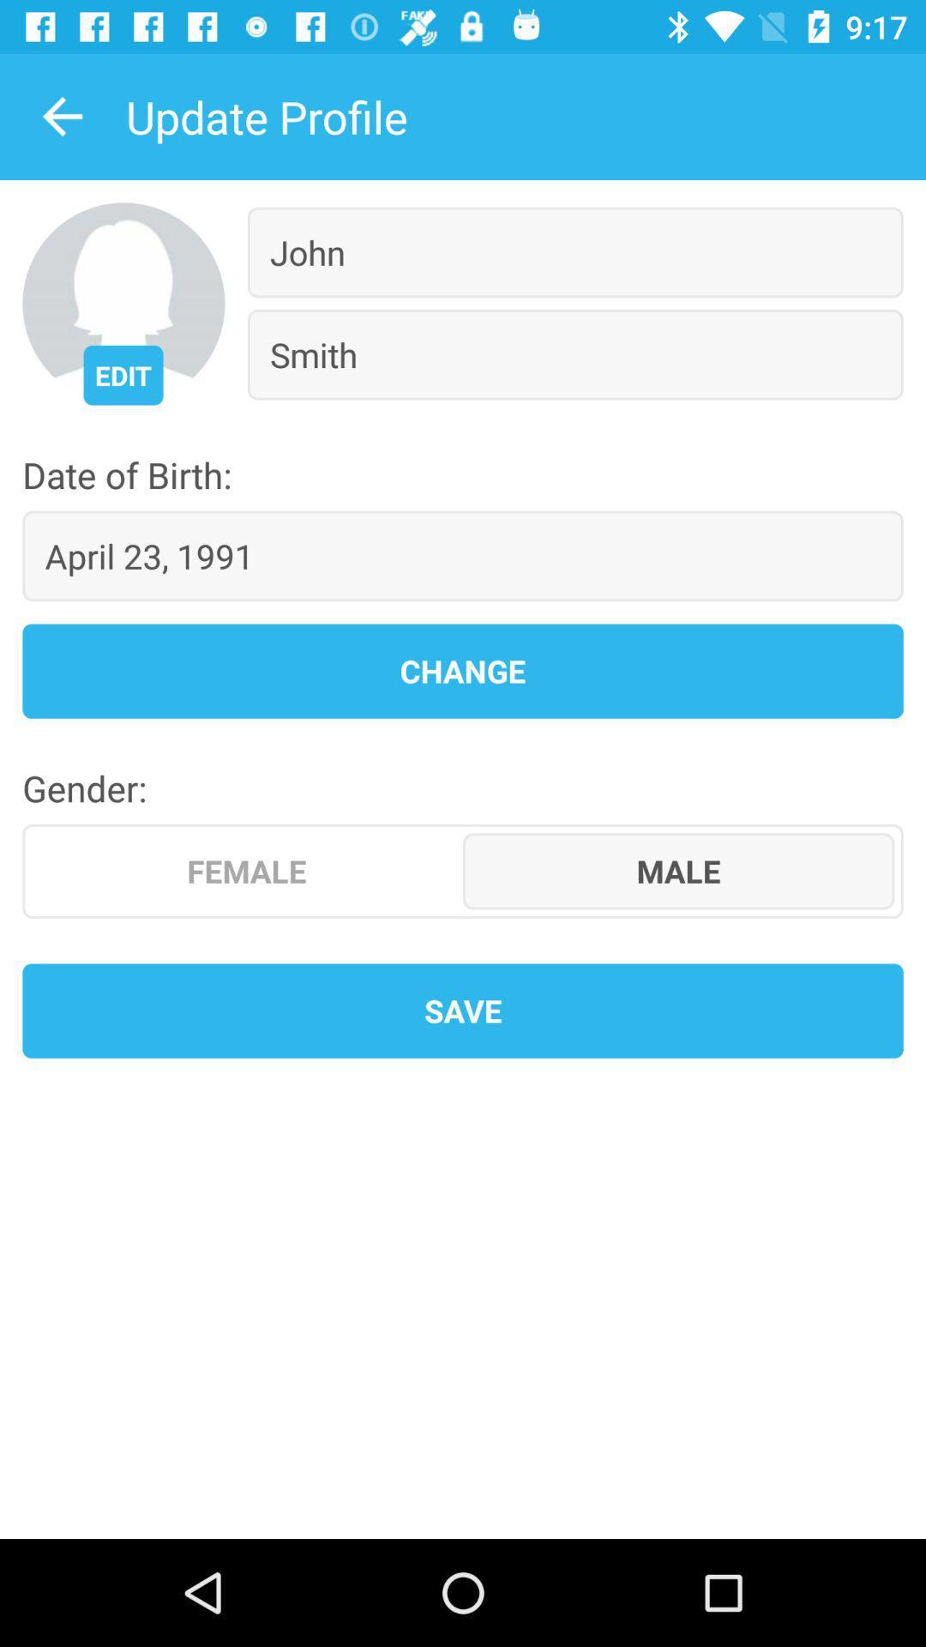  Describe the element at coordinates (62, 116) in the screenshot. I see `icon next to the update profile item` at that location.